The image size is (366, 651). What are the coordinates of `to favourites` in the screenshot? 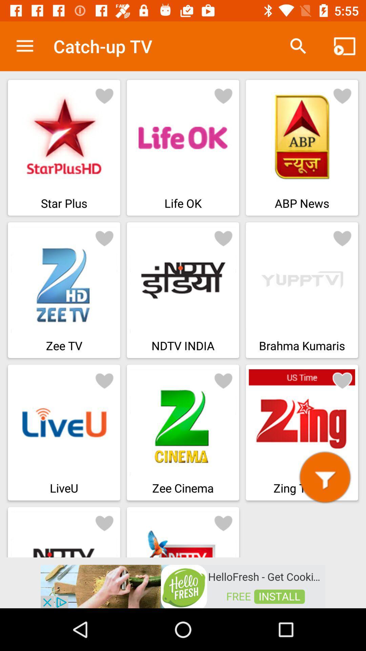 It's located at (223, 95).